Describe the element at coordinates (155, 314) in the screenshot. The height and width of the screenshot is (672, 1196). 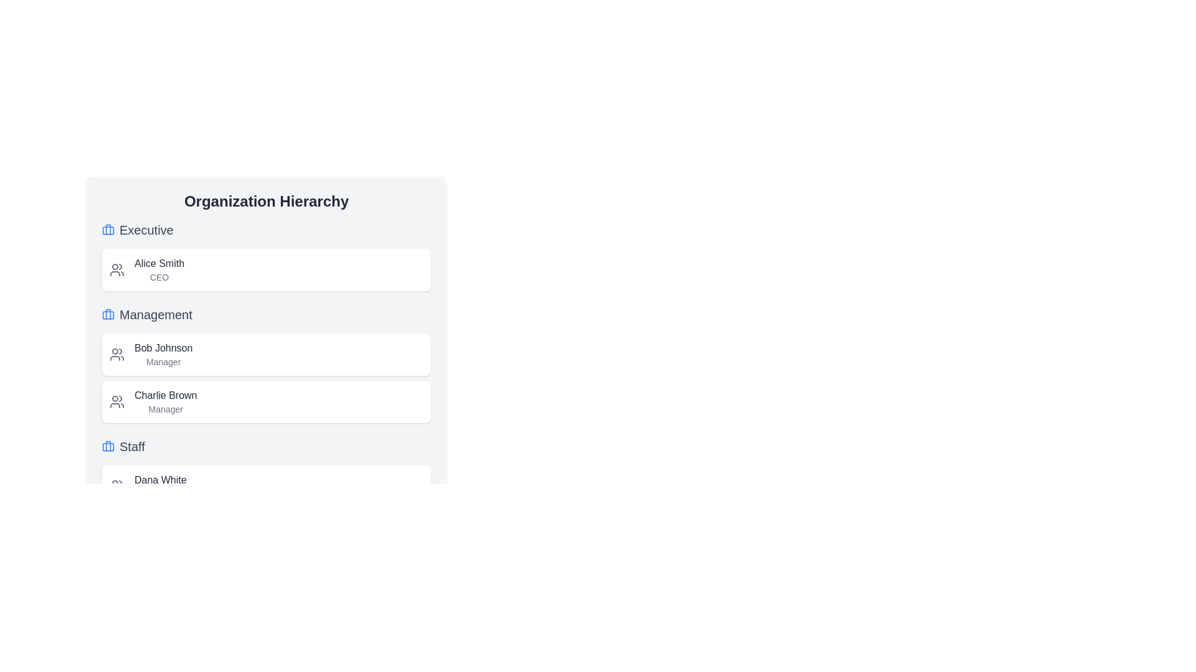
I see `text label displaying 'Management' which is centrally aligned below the 'Executive' label and next to a blue icon` at that location.